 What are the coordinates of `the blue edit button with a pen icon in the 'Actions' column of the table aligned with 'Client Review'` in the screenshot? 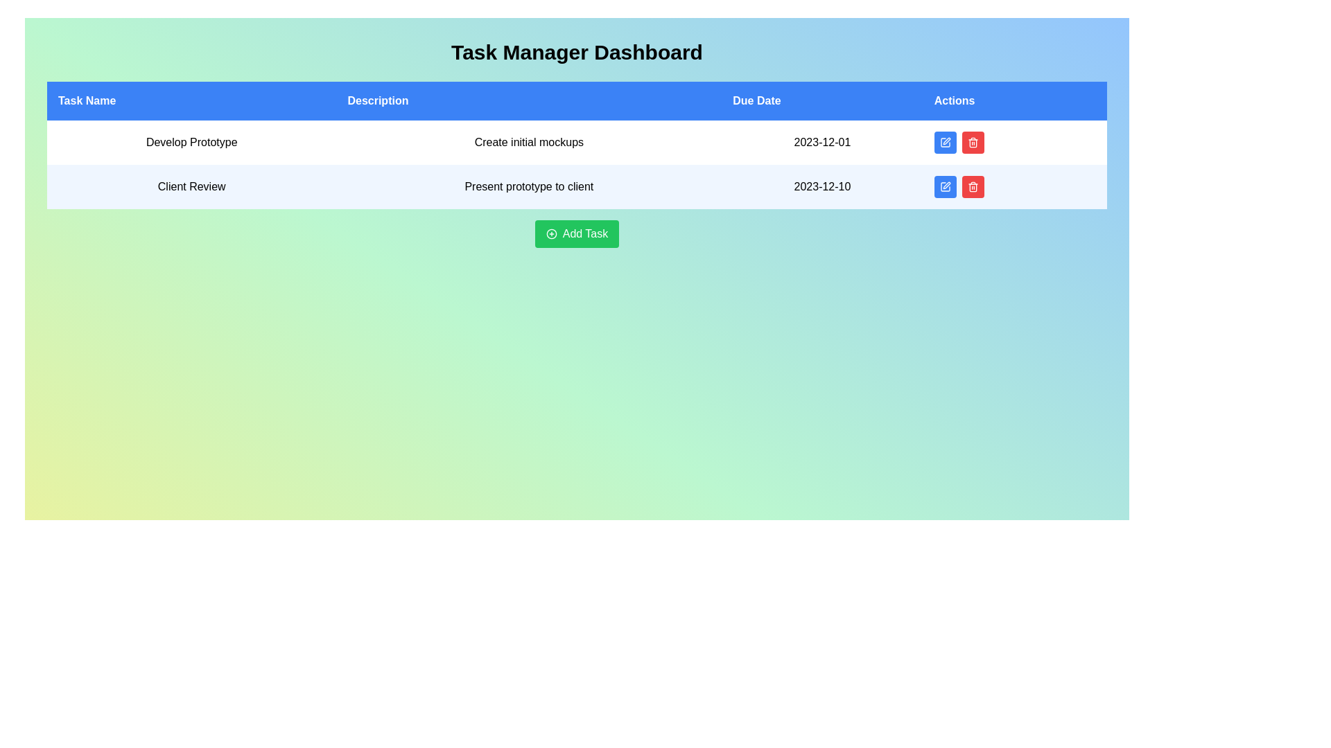 It's located at (944, 187).